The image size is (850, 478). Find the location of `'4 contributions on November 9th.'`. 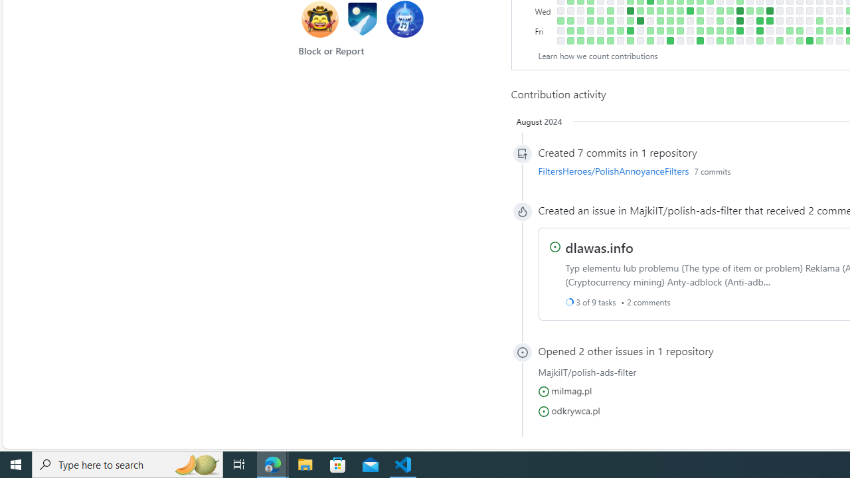

'4 contributions on November 9th.' is located at coordinates (670, 21).